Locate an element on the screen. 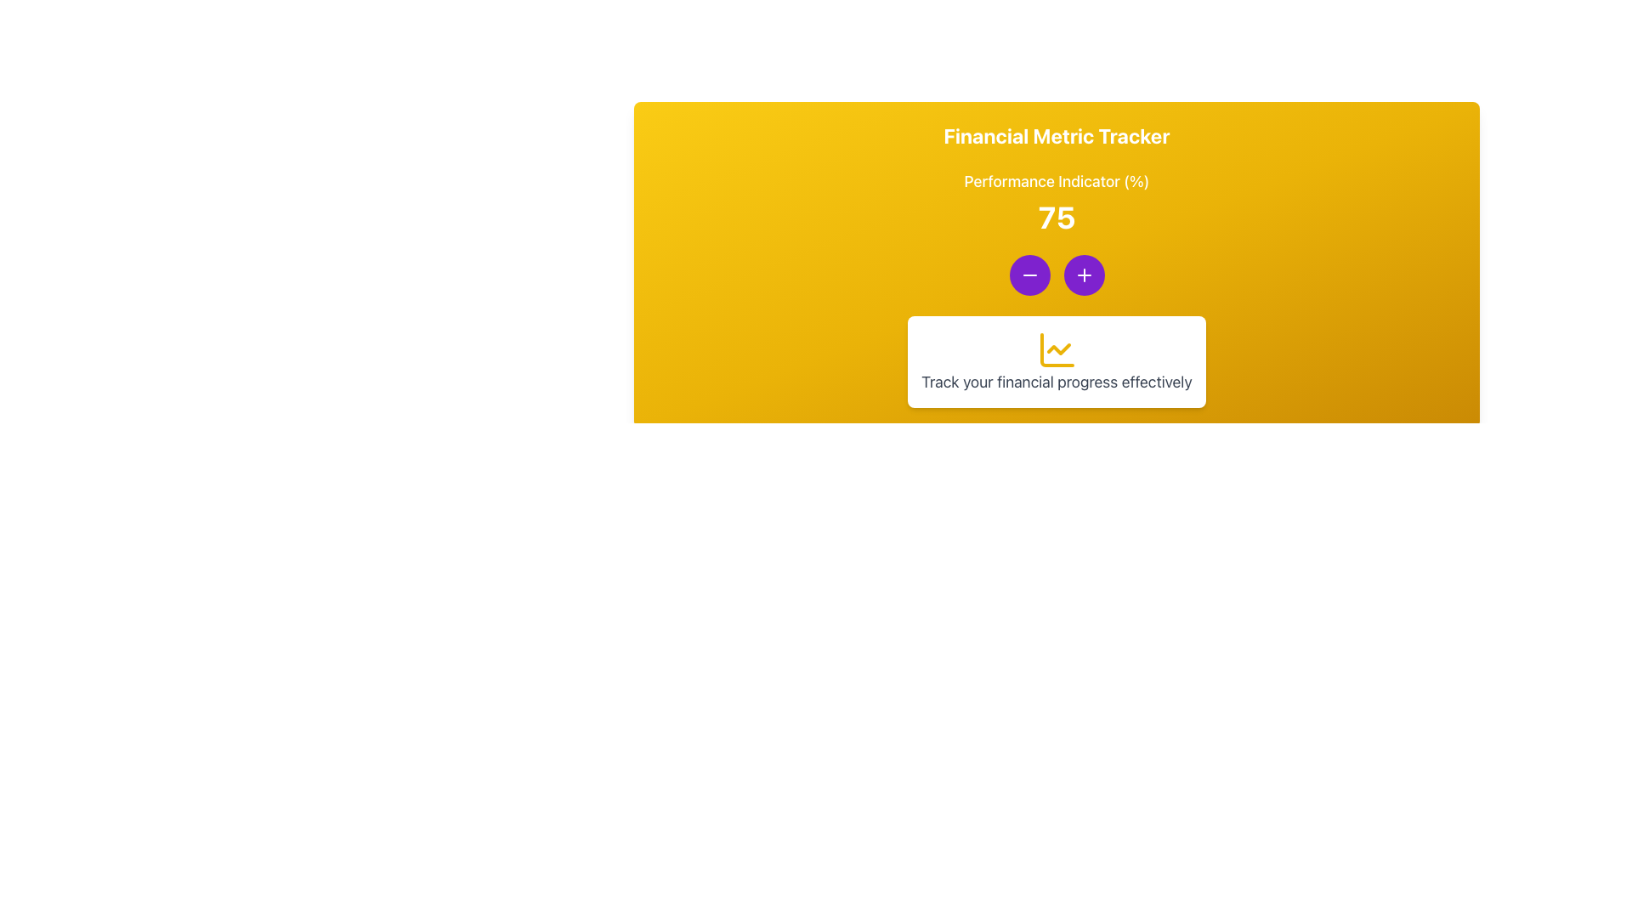 This screenshot has width=1632, height=918. the informative text block at the bottom of the 'Financial Metric Tracker' card, which provides guidance on tracking financial progress is located at coordinates (1056, 360).